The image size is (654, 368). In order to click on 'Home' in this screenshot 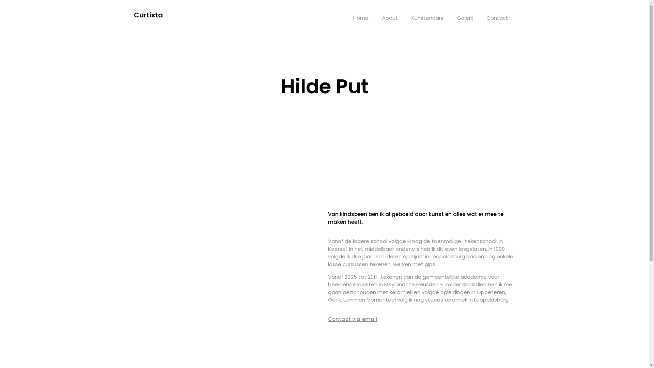, I will do `click(346, 18)`.